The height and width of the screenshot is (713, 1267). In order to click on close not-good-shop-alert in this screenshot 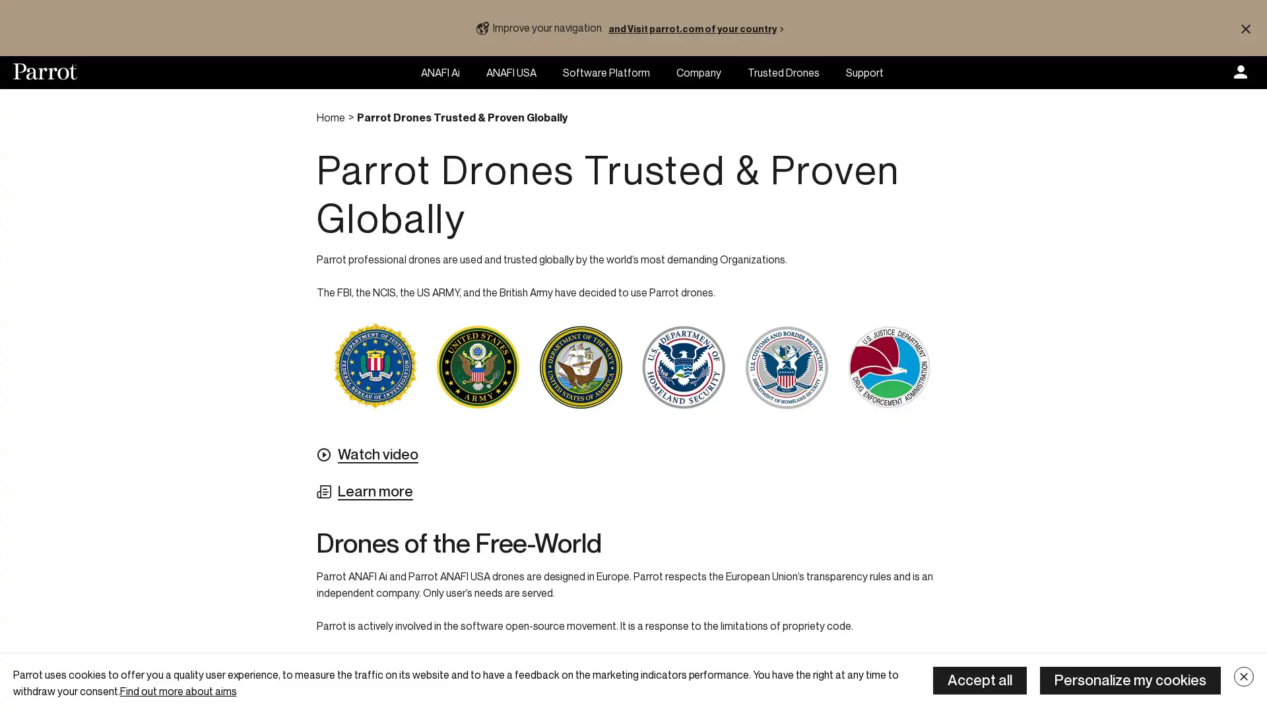, I will do `click(1245, 28)`.